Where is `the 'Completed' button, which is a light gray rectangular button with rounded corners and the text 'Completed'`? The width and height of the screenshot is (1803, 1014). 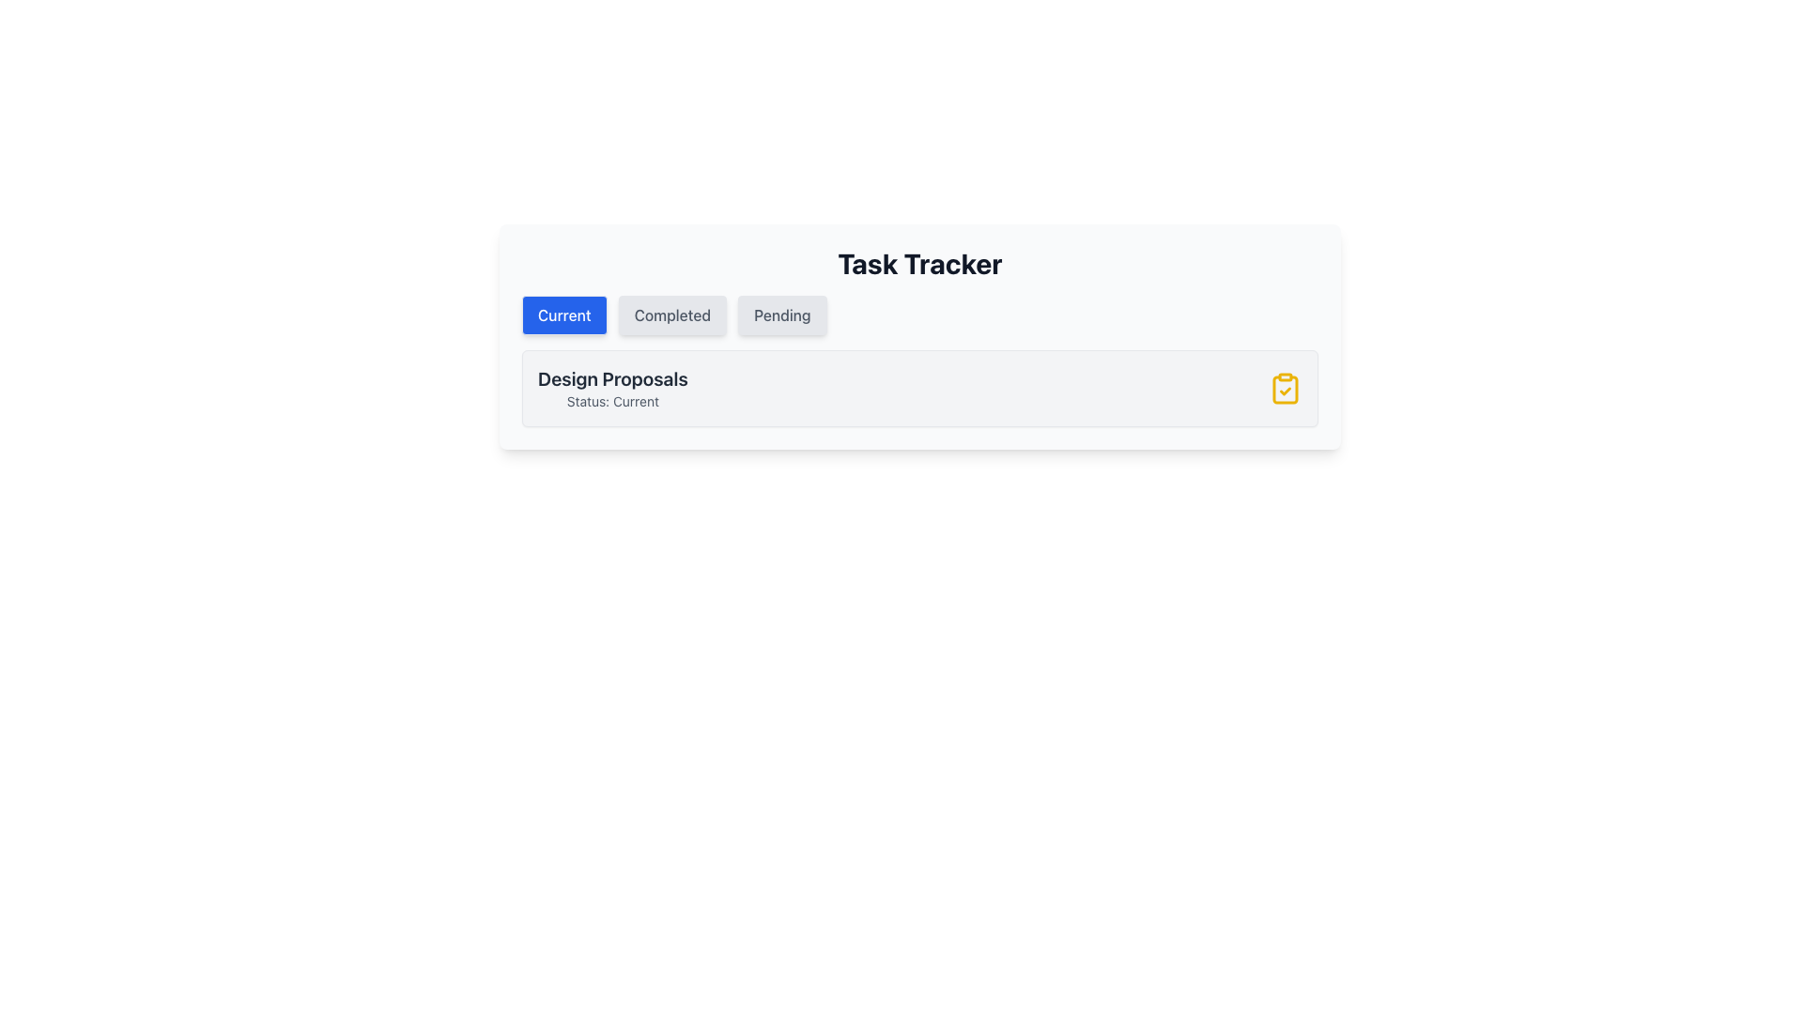 the 'Completed' button, which is a light gray rectangular button with rounded corners and the text 'Completed' is located at coordinates (672, 314).